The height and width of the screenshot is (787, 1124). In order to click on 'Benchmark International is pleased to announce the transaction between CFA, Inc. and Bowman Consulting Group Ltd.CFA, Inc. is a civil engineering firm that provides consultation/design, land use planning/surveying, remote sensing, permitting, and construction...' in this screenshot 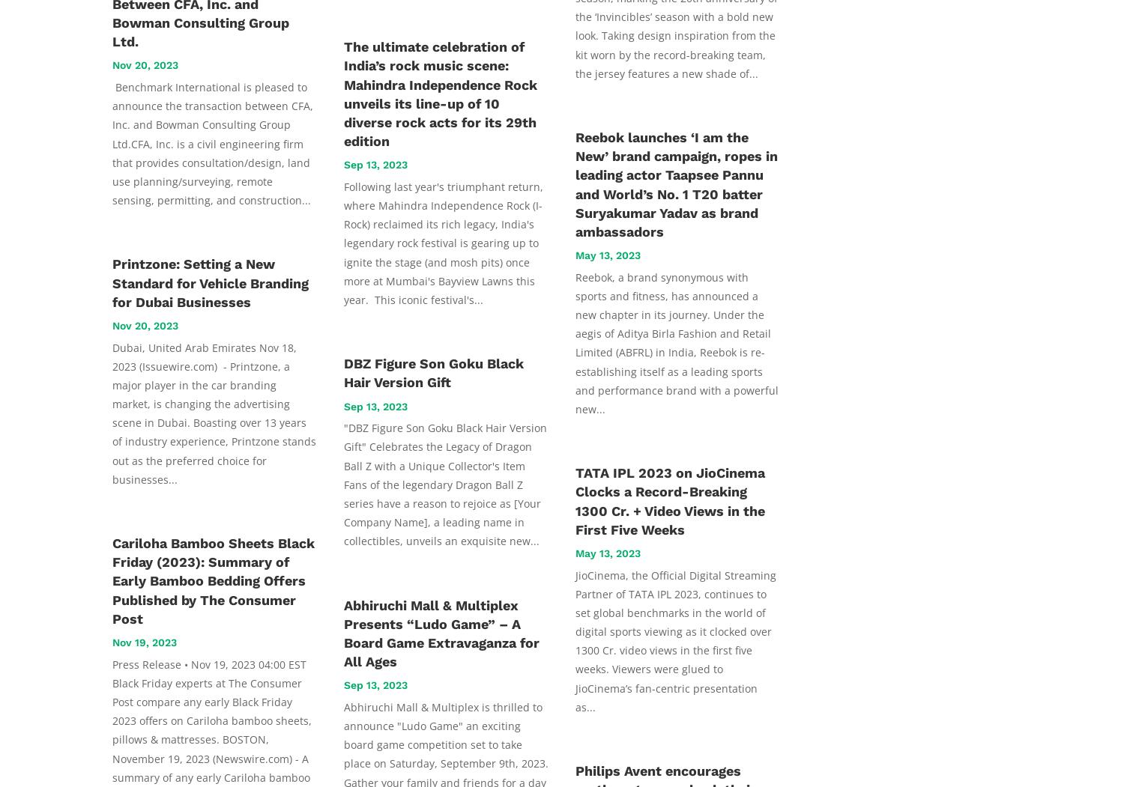, I will do `click(212, 144)`.